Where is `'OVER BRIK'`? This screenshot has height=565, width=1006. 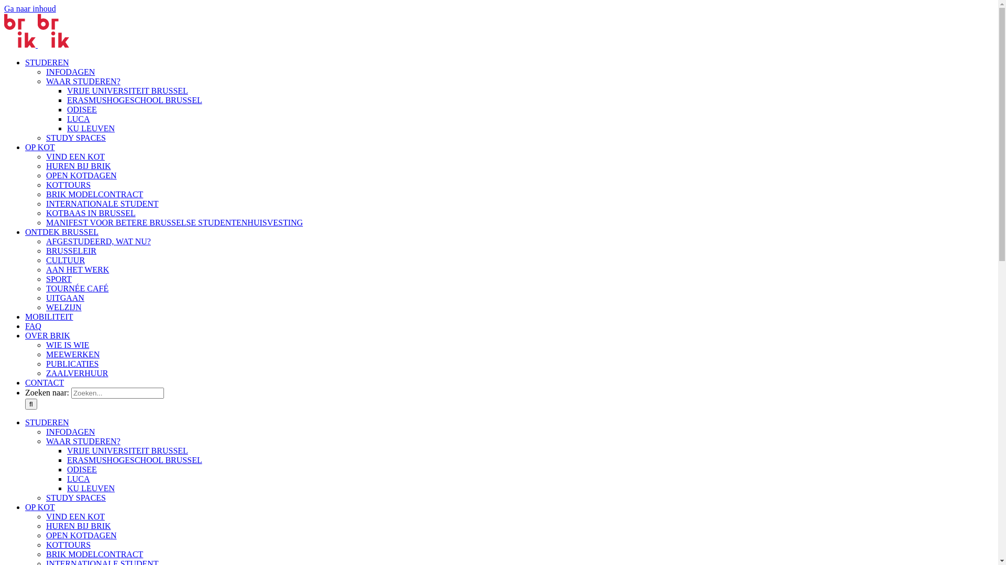
'OVER BRIK' is located at coordinates (47, 335).